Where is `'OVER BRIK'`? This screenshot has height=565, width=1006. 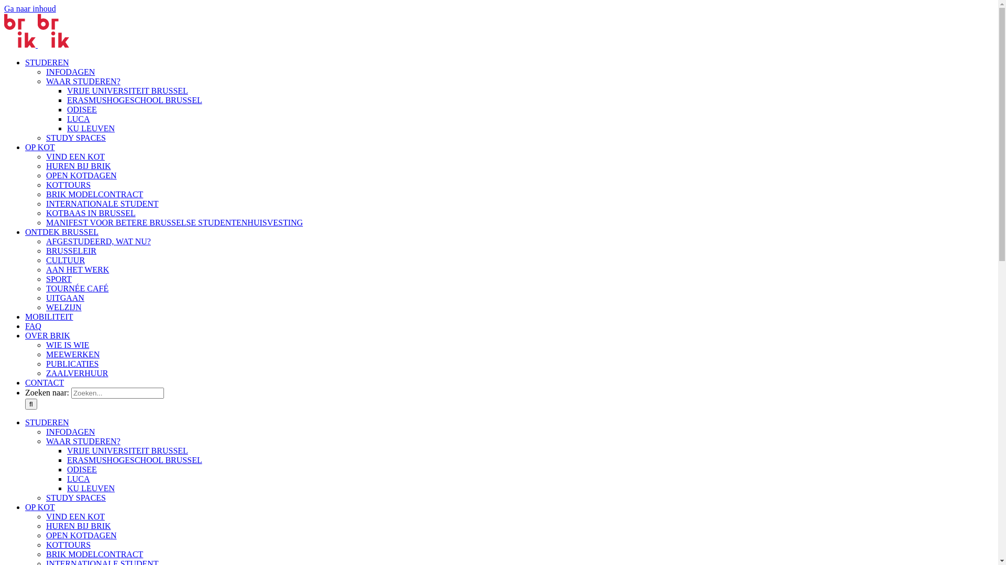
'OVER BRIK' is located at coordinates (47, 335).